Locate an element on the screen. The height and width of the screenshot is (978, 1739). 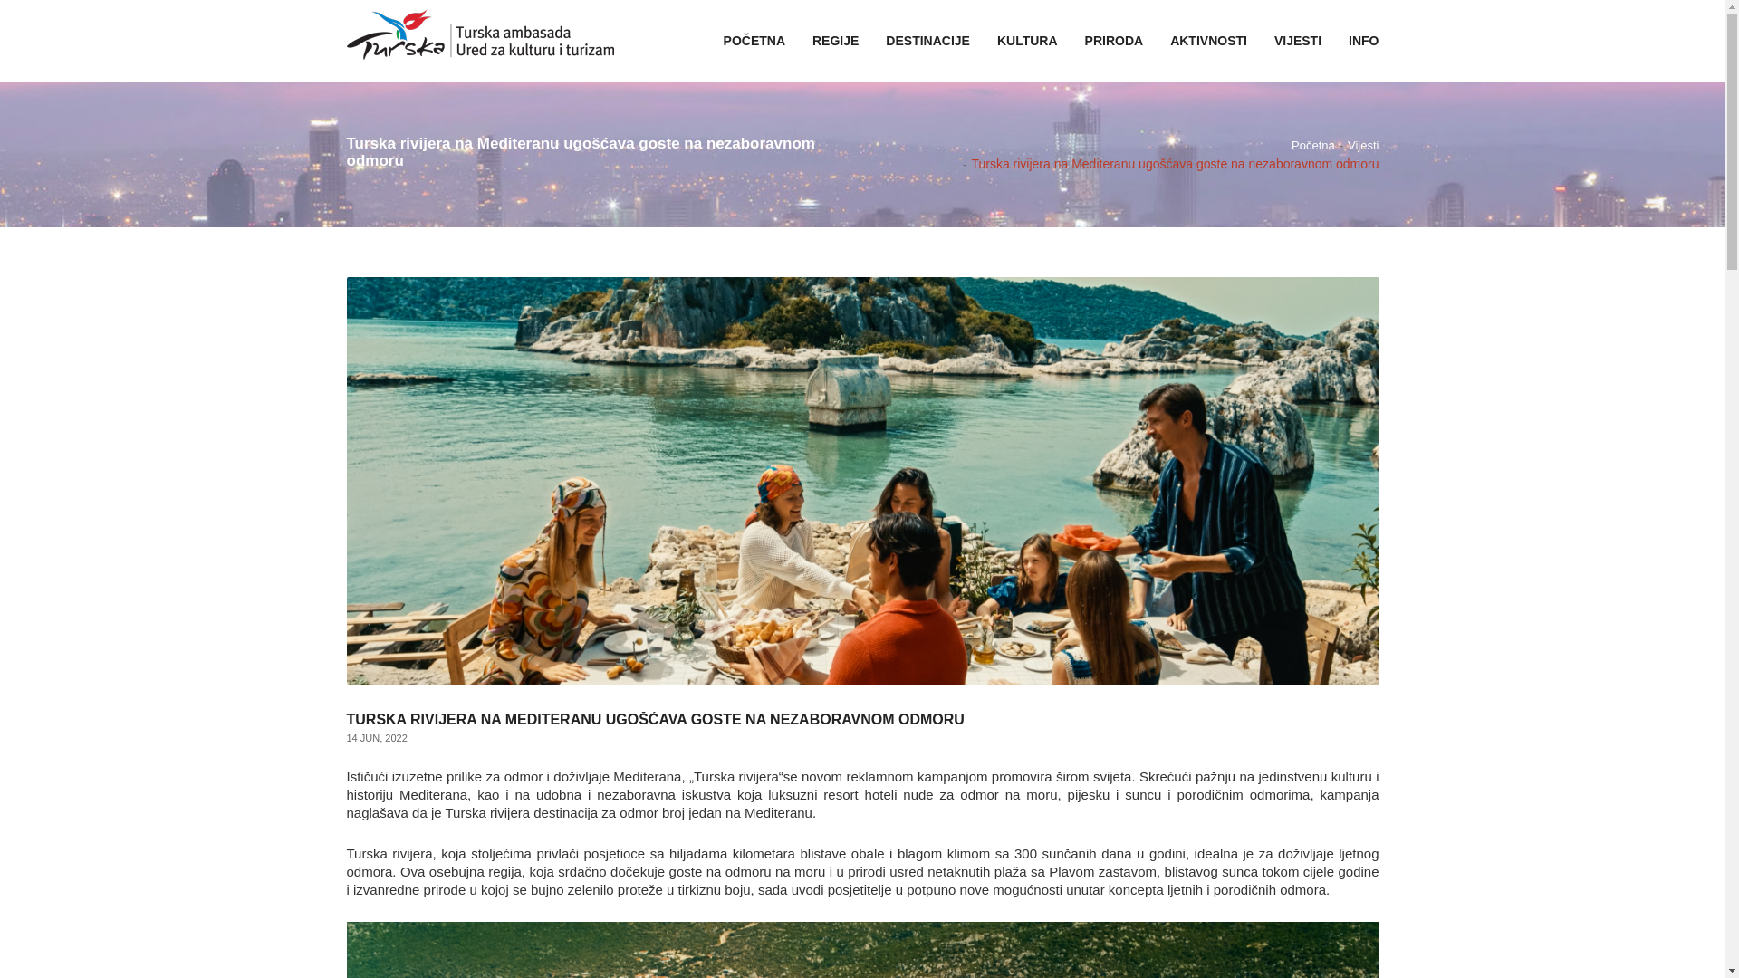
'AKTIVNOSTI' is located at coordinates (1155, 41).